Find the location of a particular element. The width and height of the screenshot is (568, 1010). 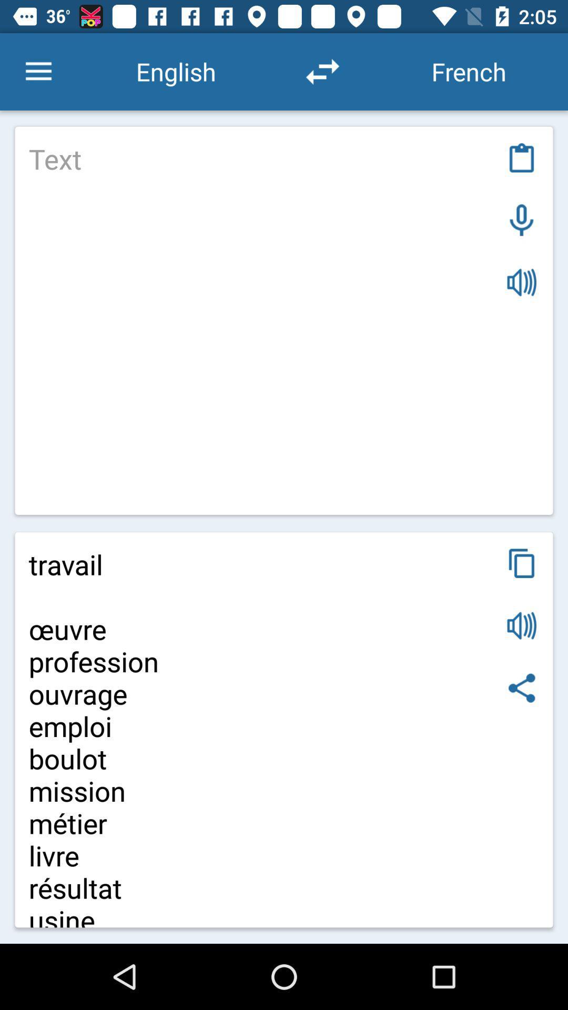

the icon to the left of the english icon is located at coordinates (38, 71).